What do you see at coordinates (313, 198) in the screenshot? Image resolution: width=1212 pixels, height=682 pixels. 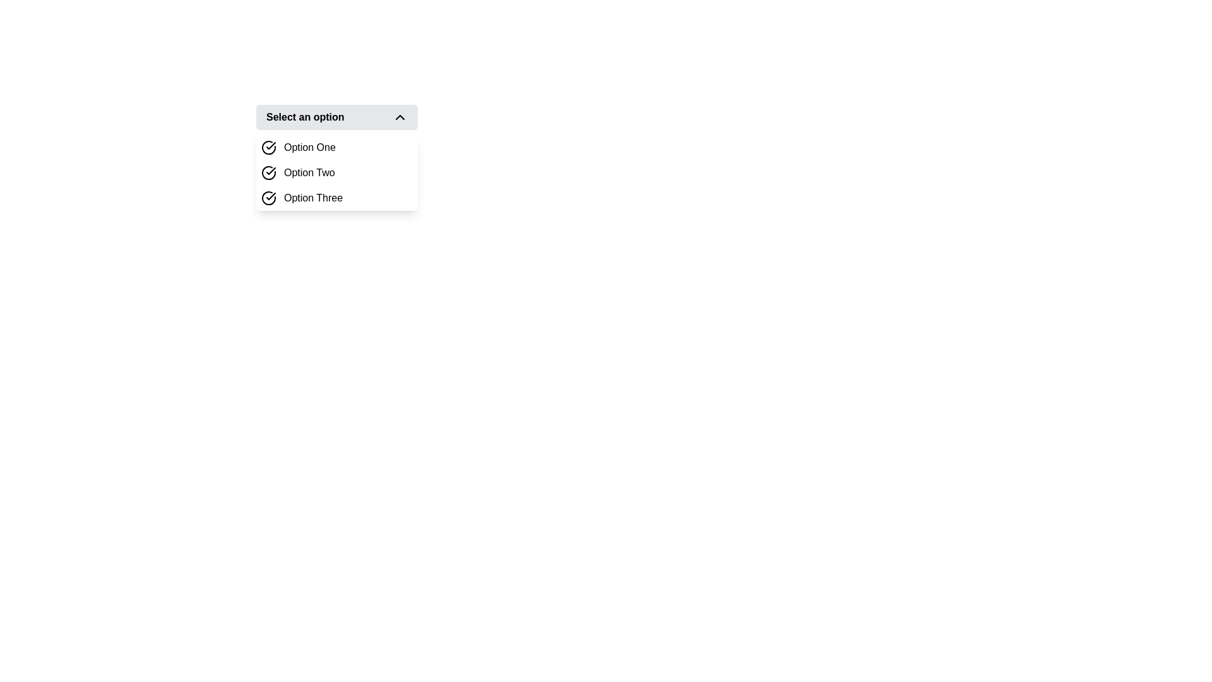 I see `the third option text element in the dropdown menu` at bounding box center [313, 198].